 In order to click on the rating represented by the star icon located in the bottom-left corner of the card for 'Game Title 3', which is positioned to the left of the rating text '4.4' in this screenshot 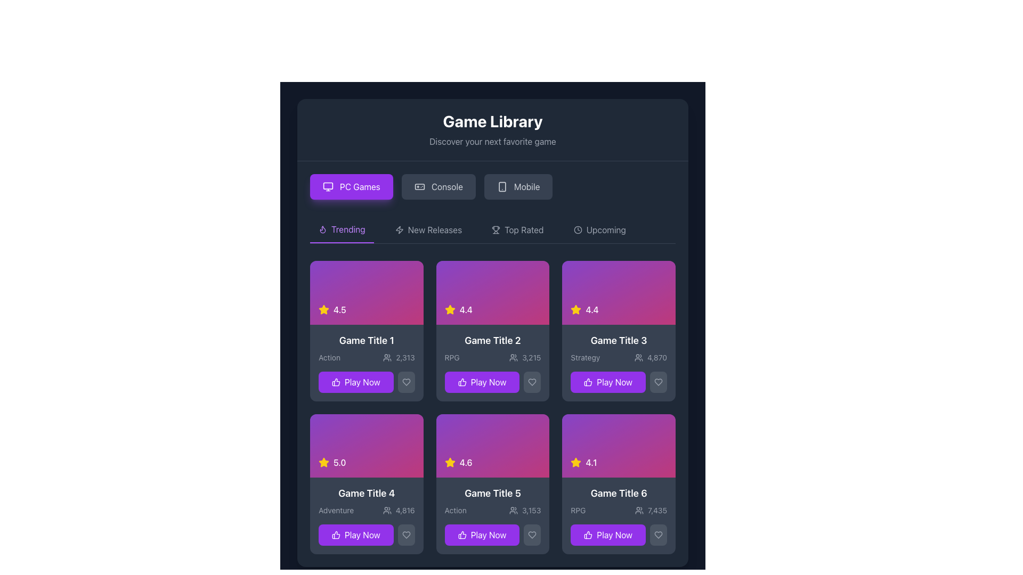, I will do `click(575, 309)`.